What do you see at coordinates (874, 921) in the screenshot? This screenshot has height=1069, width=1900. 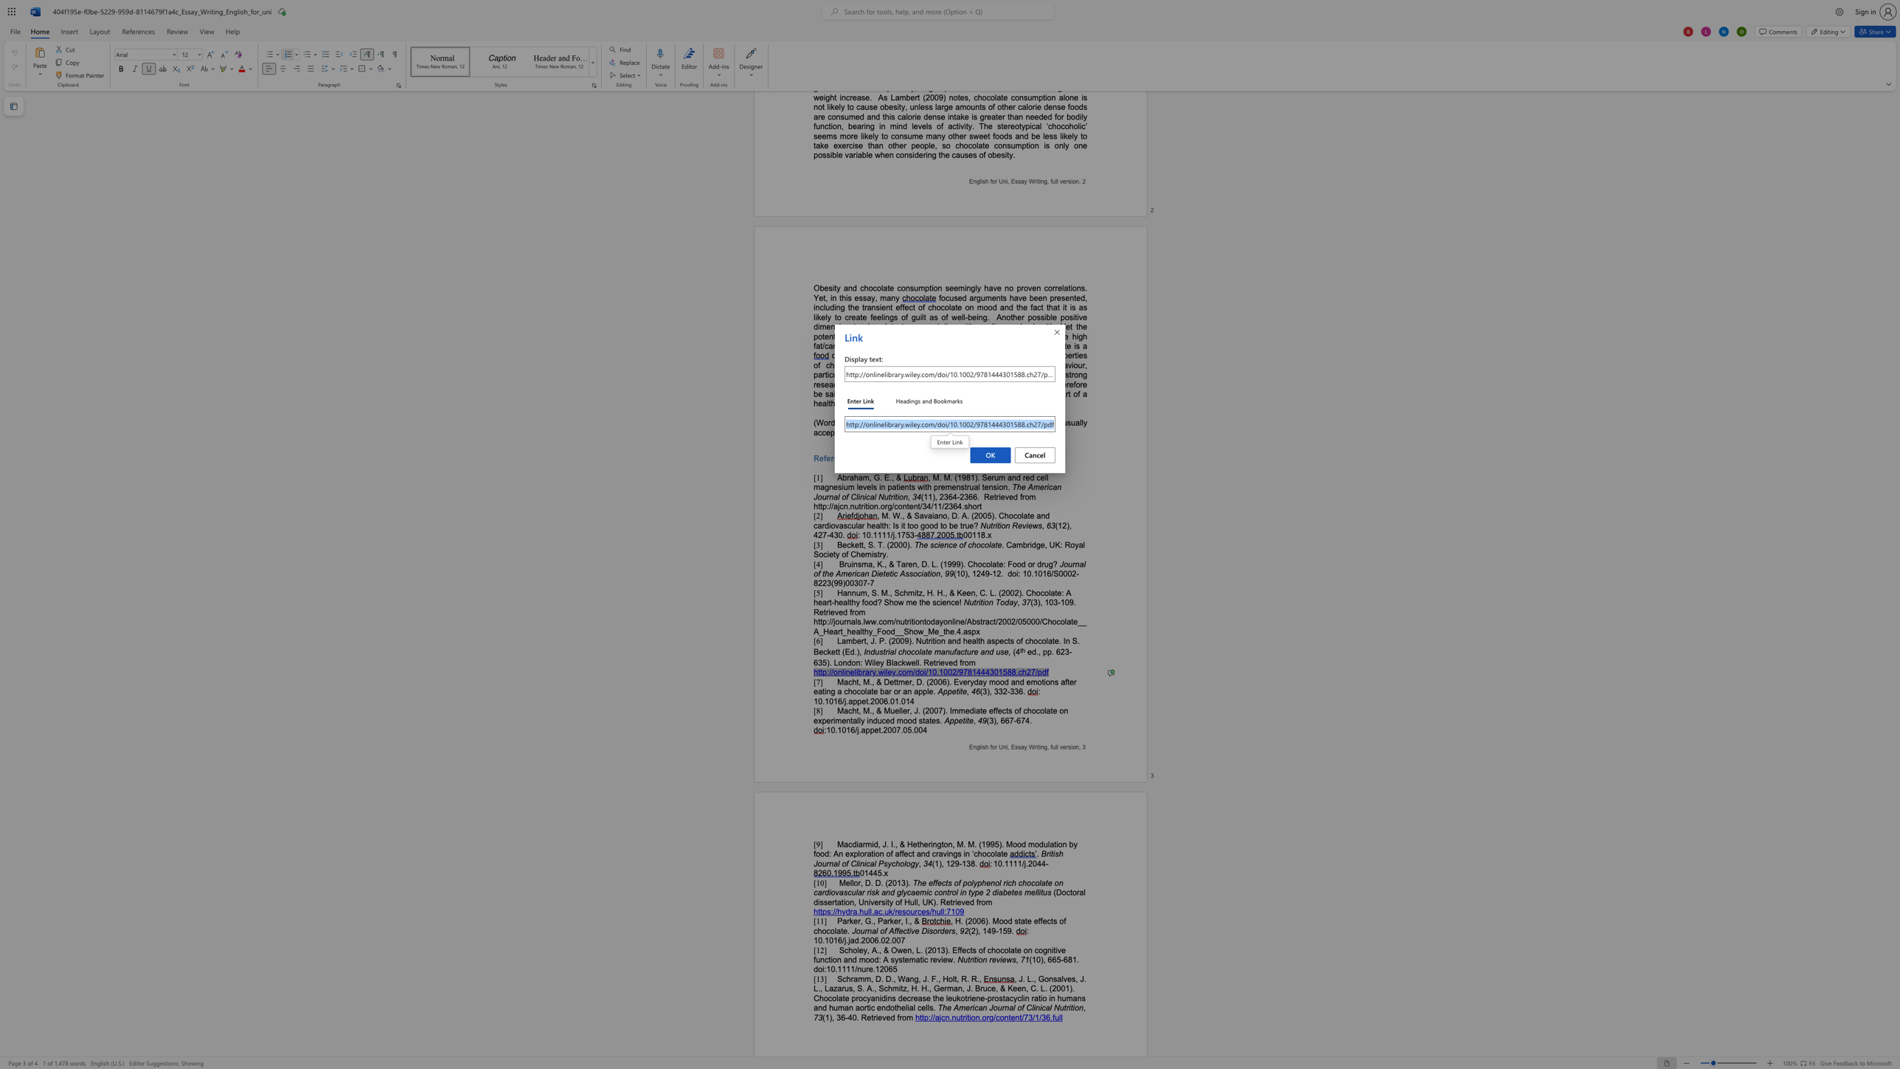 I see `the 2th character "," in the text` at bounding box center [874, 921].